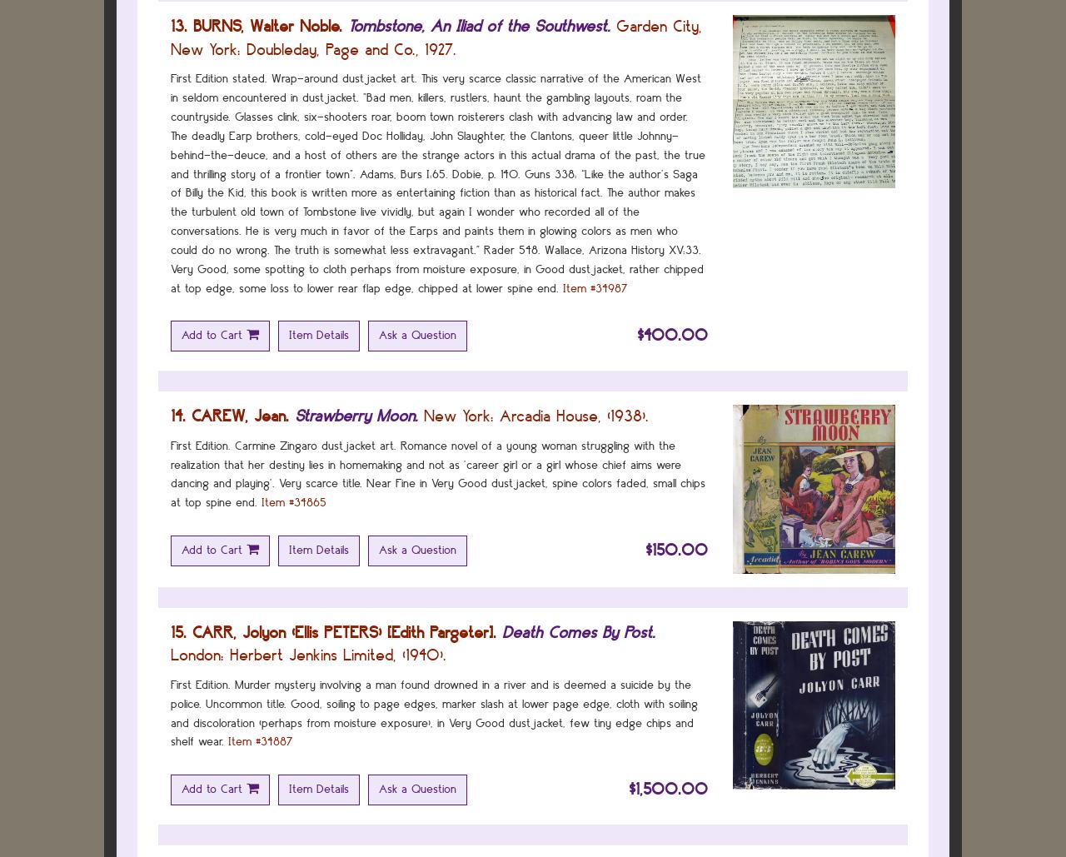  I want to click on 'Strawberry Moon.', so click(356, 416).